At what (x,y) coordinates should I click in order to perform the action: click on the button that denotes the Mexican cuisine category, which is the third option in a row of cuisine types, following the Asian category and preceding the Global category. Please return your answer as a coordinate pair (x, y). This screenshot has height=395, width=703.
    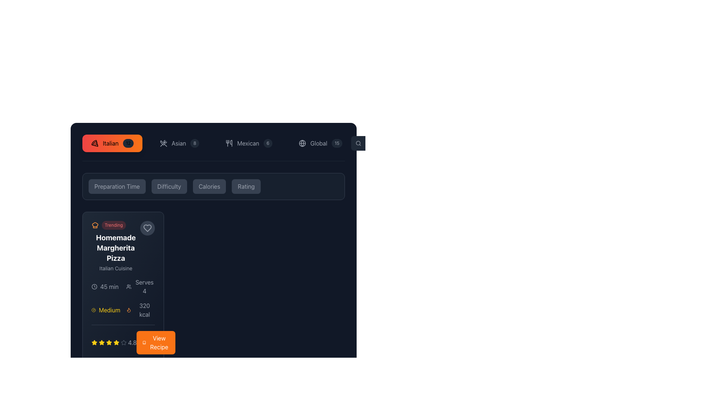
    Looking at the image, I should click on (249, 143).